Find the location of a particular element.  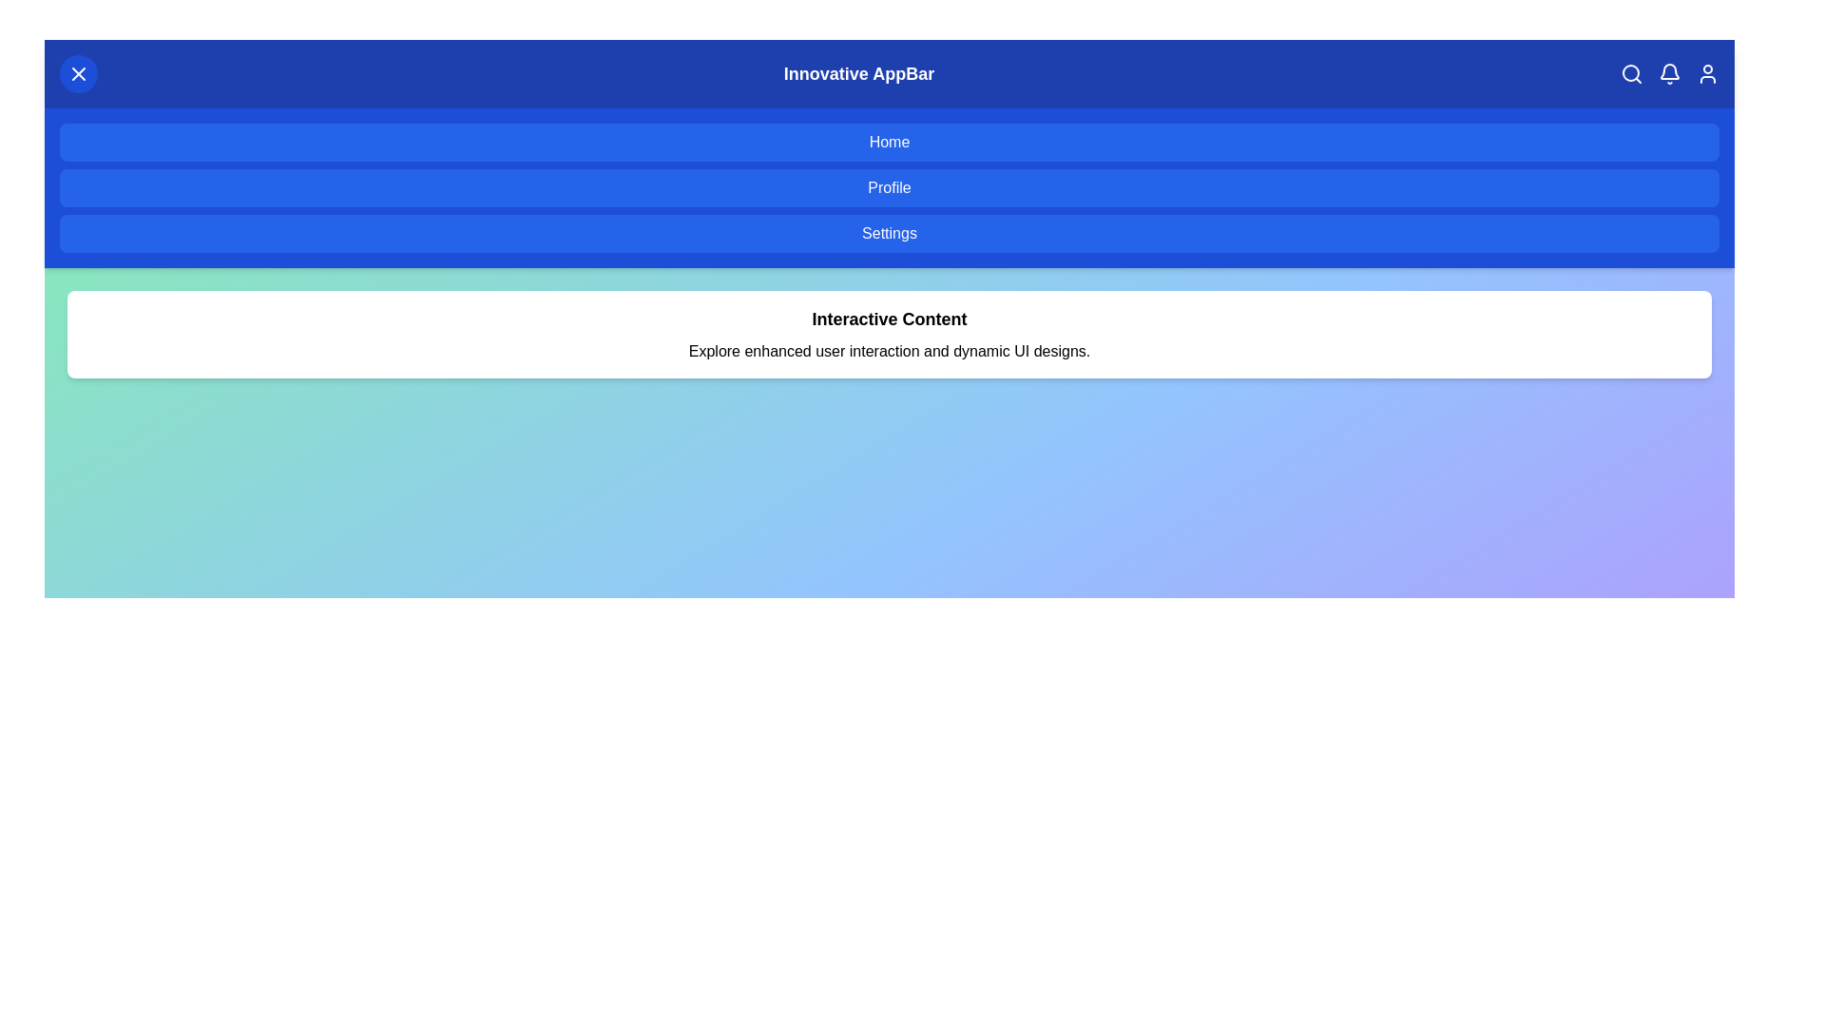

the navigation item Profile to navigate to the respective section is located at coordinates (889, 187).